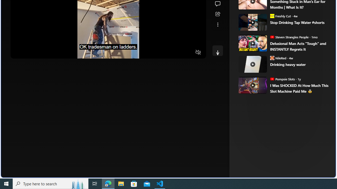 The image size is (337, 189). What do you see at coordinates (217, 14) in the screenshot?
I see `'Share this story'` at bounding box center [217, 14].